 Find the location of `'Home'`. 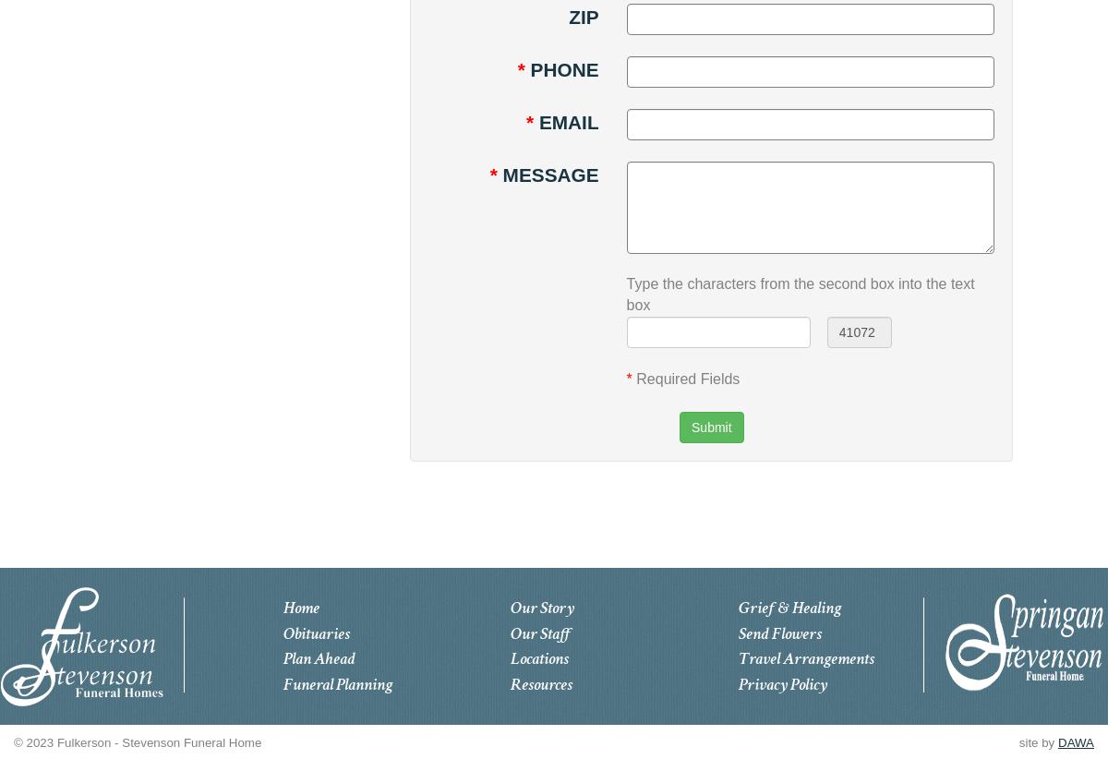

'Home' is located at coordinates (300, 607).